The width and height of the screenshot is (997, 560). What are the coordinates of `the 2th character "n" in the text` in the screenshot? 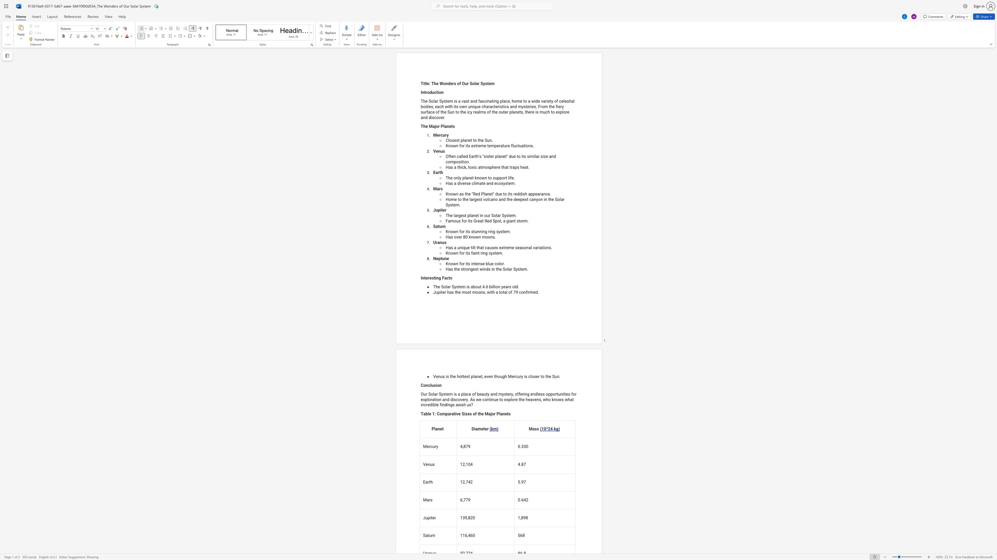 It's located at (479, 237).